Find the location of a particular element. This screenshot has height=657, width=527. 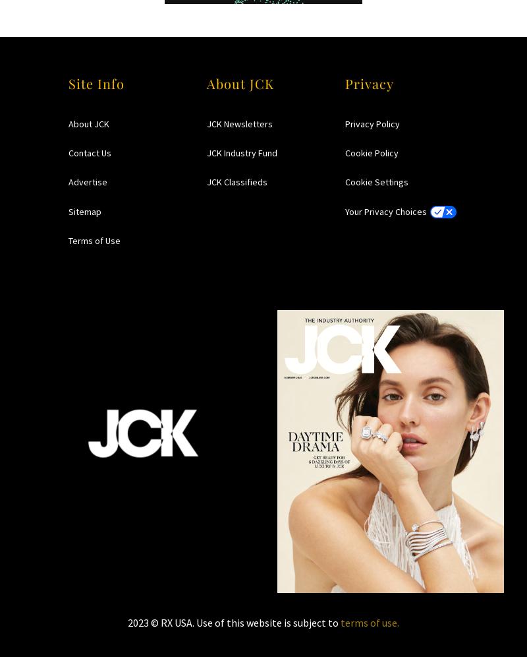

'JCK Newsletters' is located at coordinates (240, 124).